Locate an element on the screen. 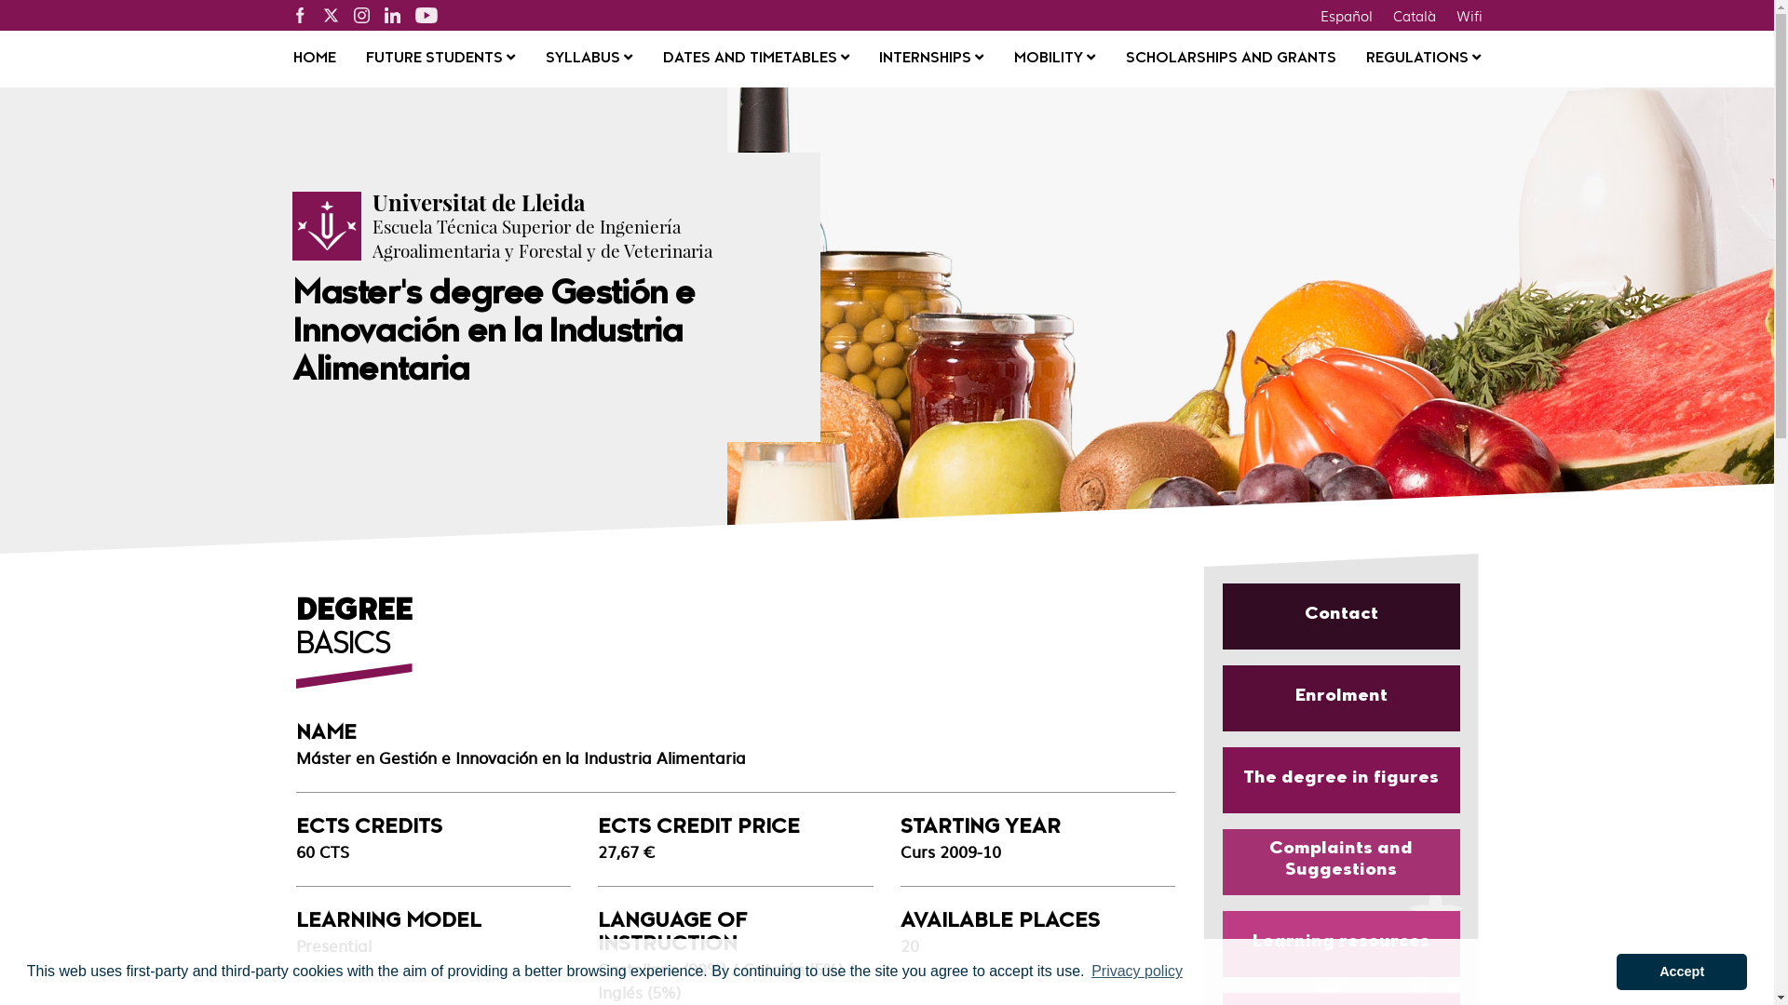 Image resolution: width=1788 pixels, height=1005 pixels. 'SCHOLARSHIPS AND GRANTS' is located at coordinates (1230, 59).